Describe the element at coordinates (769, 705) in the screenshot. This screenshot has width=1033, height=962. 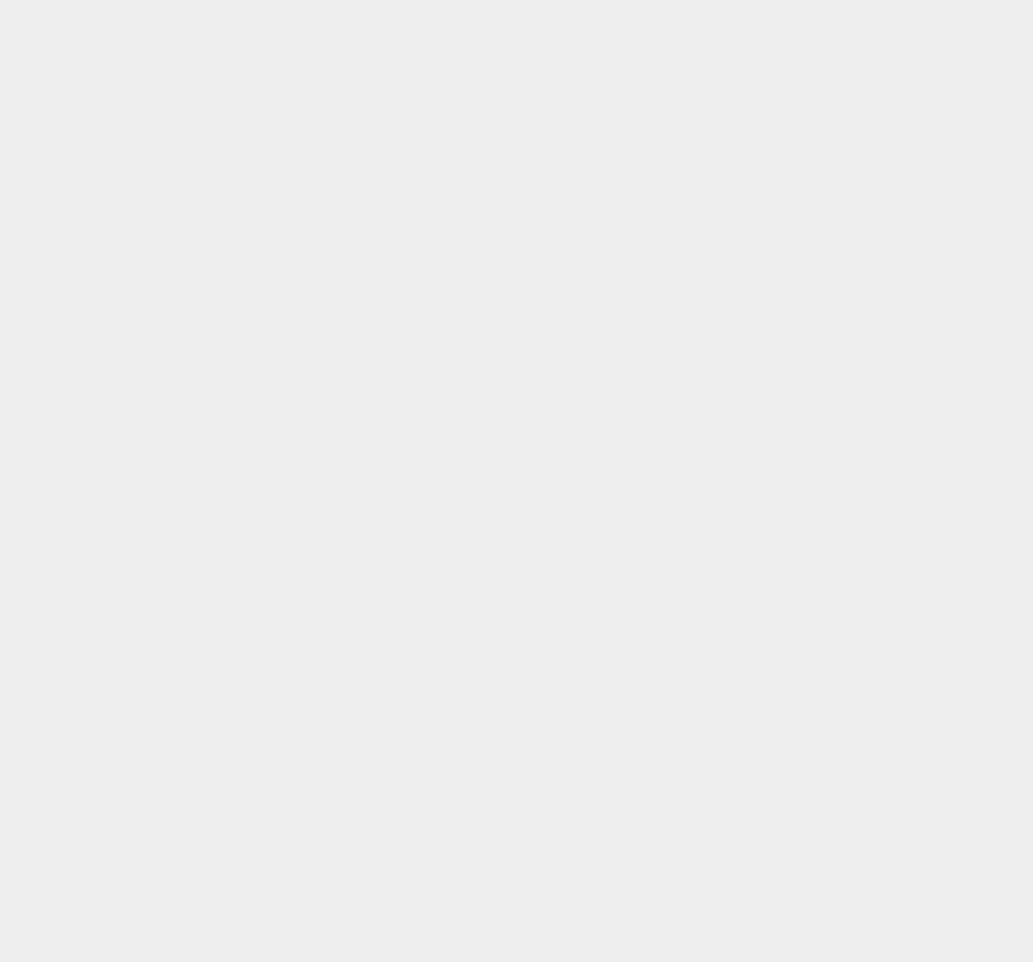
I see `'Huawei Honor'` at that location.